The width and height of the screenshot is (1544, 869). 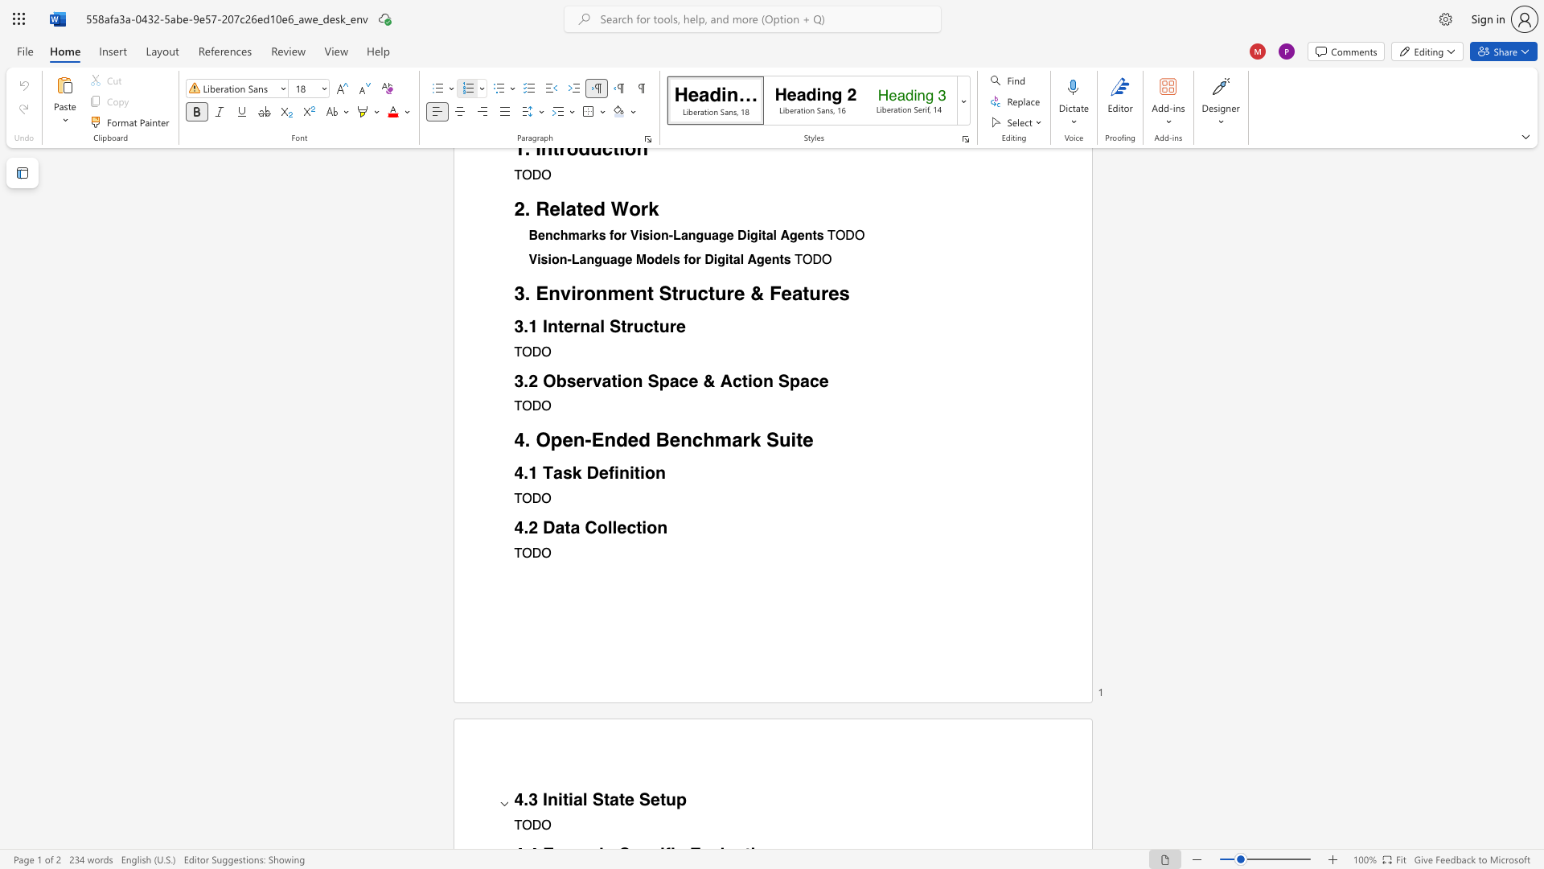 I want to click on the space between the continuous character "u" and "p" in the text, so click(x=675, y=800).